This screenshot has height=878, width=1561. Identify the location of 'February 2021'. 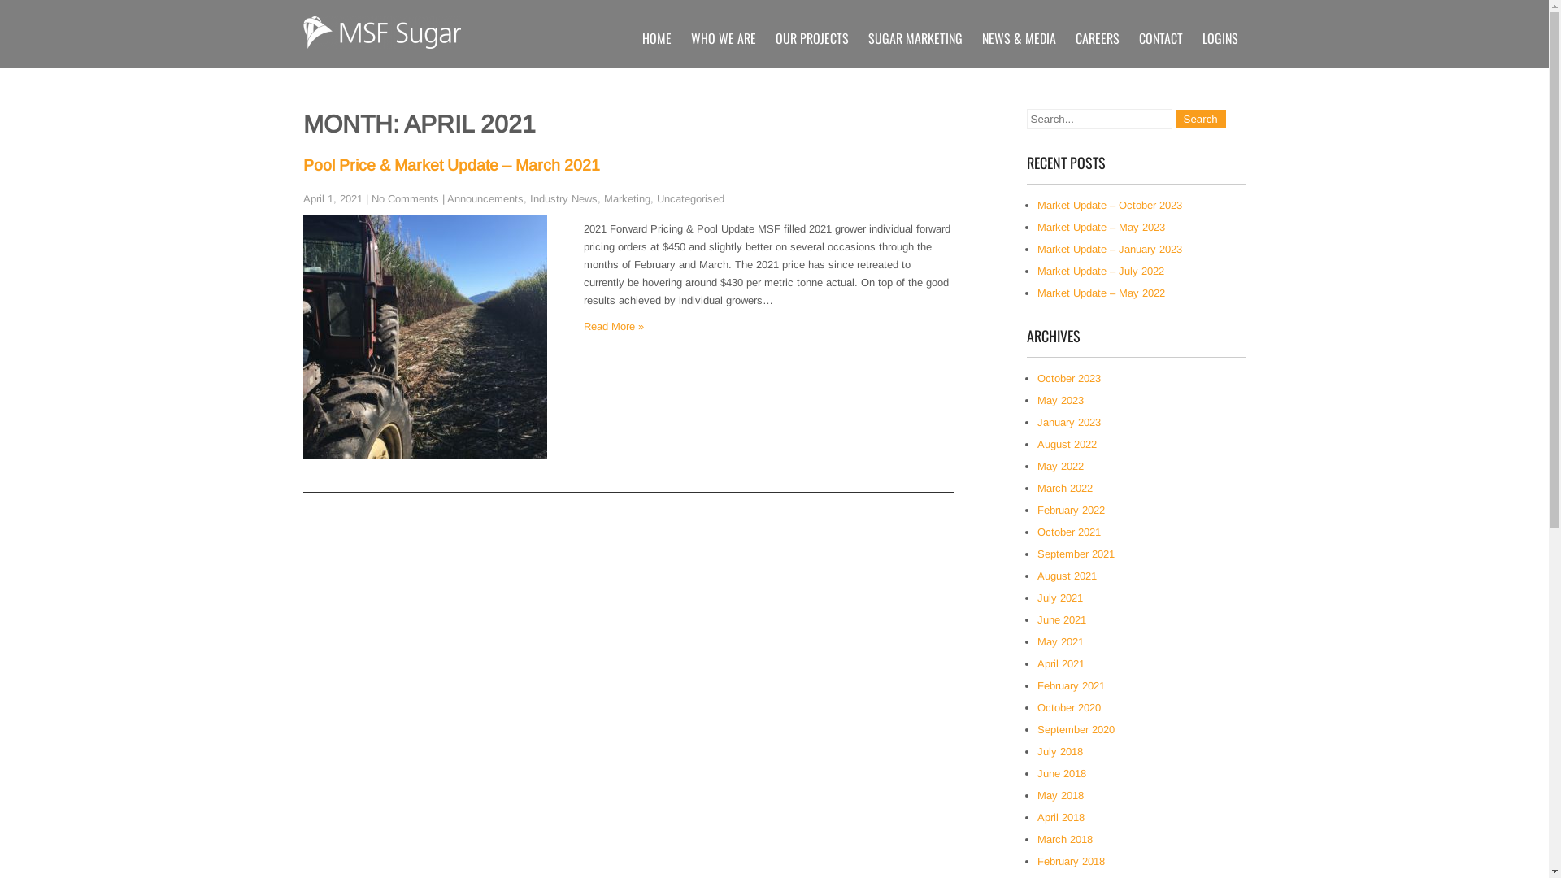
(1037, 685).